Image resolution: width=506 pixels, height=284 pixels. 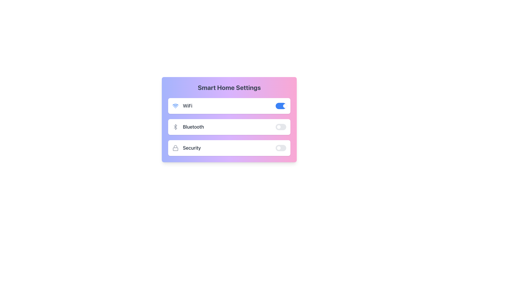 What do you see at coordinates (285, 106) in the screenshot?
I see `the circular knob within the toggle switch` at bounding box center [285, 106].